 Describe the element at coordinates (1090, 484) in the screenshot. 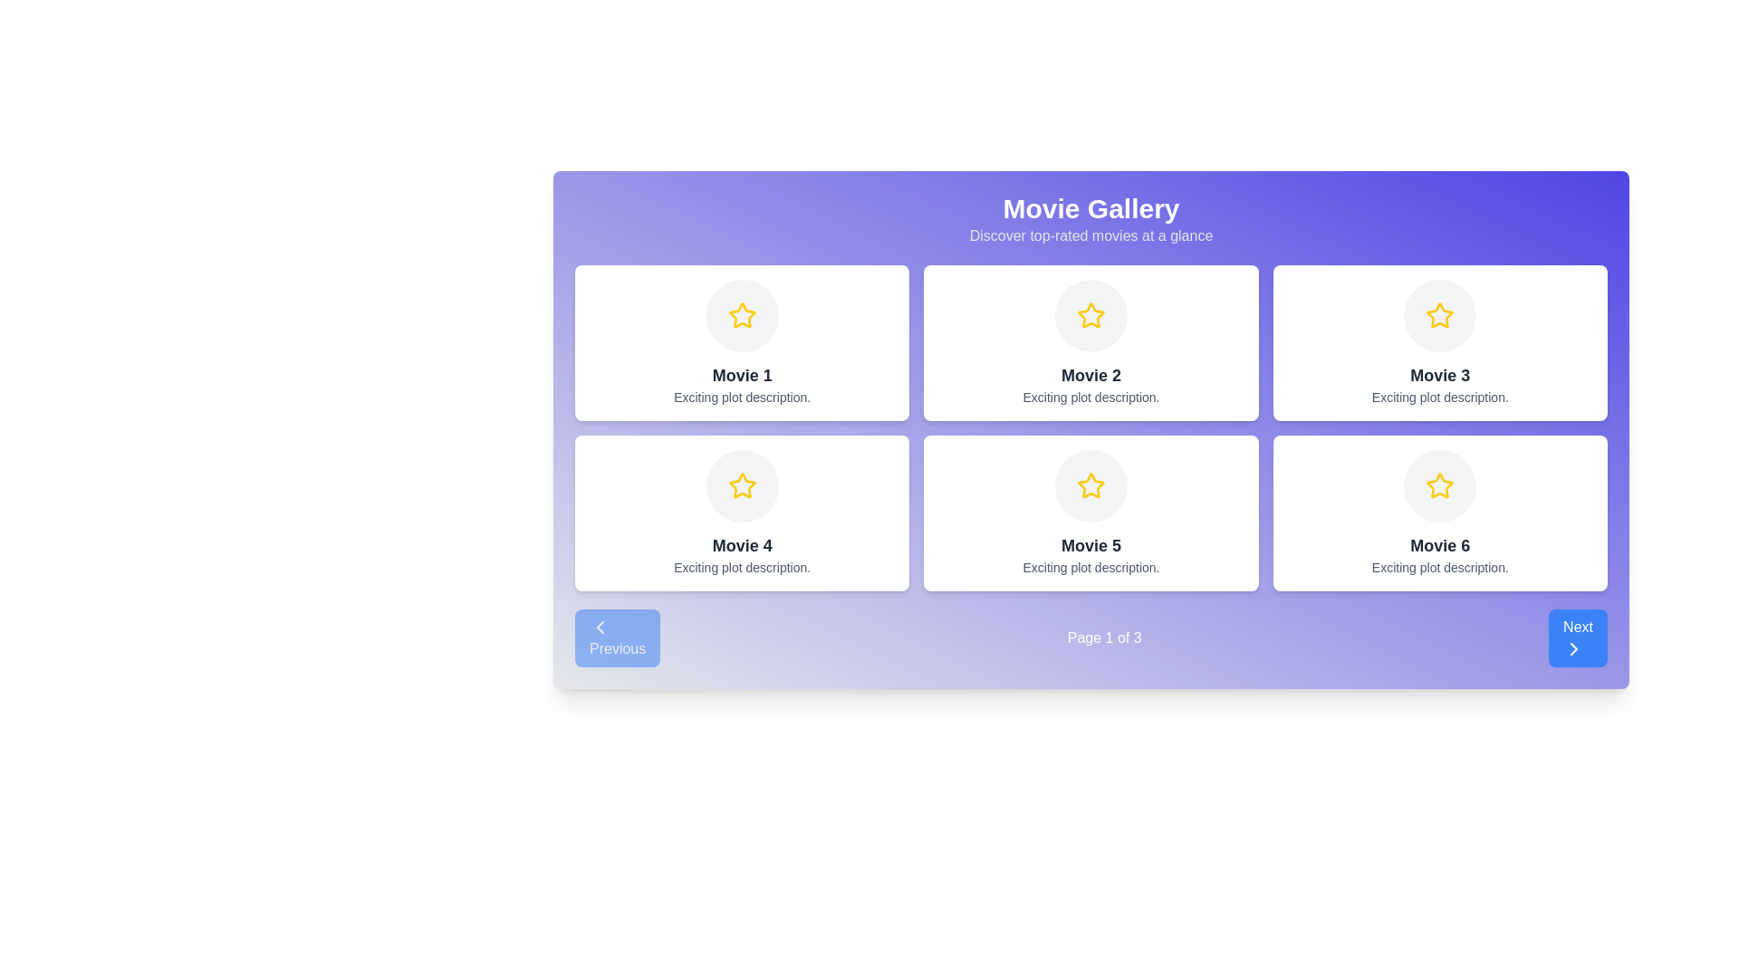

I see `the star icon located at the top of the 'Movie 5' card, which serves as a visual representation for rating or indicating a favorite status` at that location.